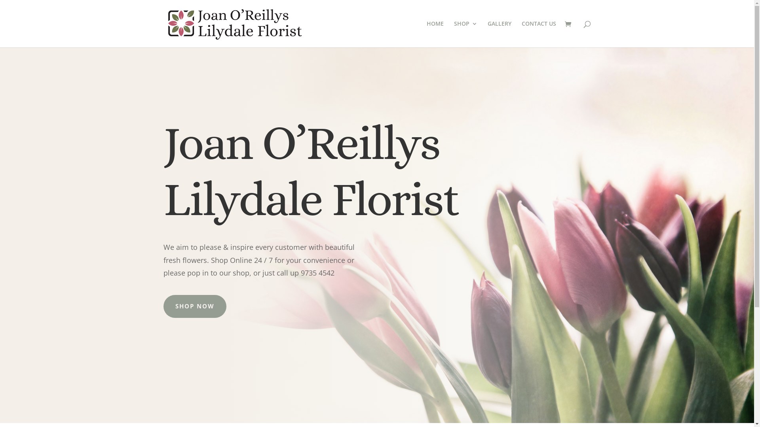 This screenshot has height=427, width=760. What do you see at coordinates (163, 306) in the screenshot?
I see `'SHOP NOW'` at bounding box center [163, 306].